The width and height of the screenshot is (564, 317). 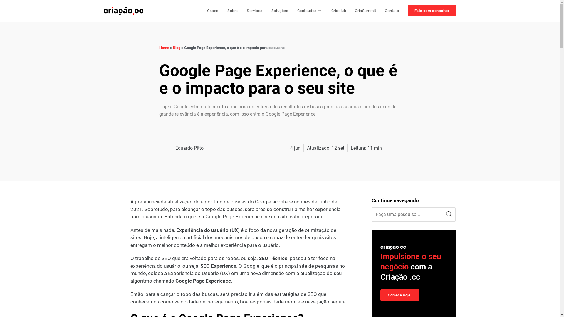 What do you see at coordinates (176, 47) in the screenshot?
I see `'Blog'` at bounding box center [176, 47].